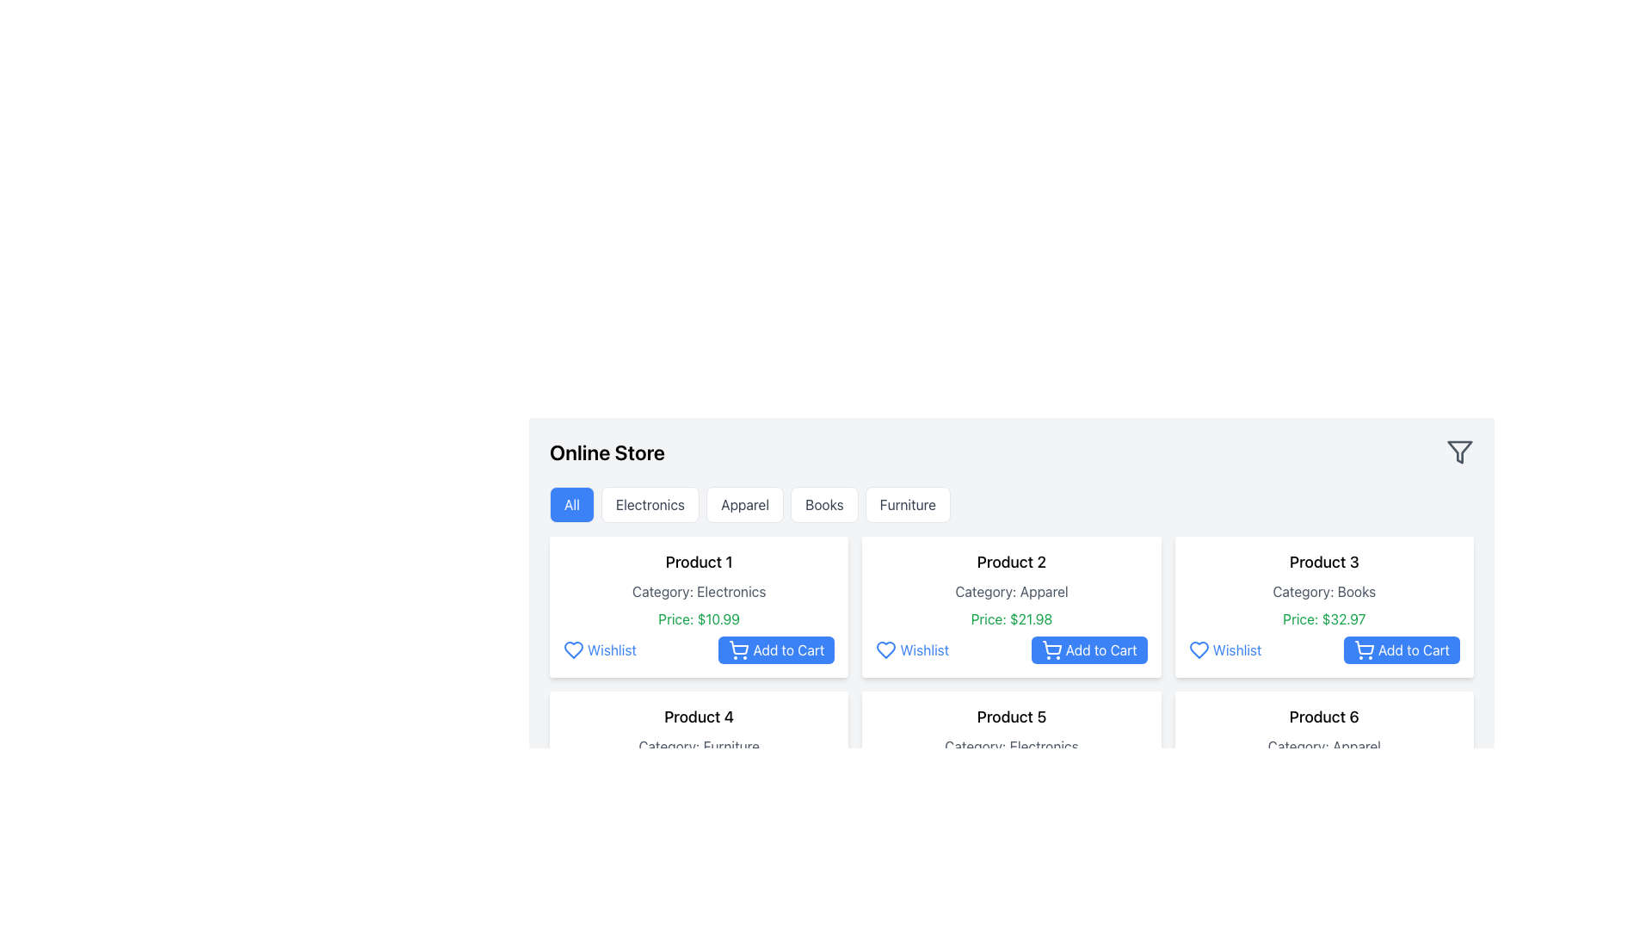 This screenshot has width=1652, height=929. I want to click on the 'Add to Cart' button for 'Product 2', so click(1088, 650).